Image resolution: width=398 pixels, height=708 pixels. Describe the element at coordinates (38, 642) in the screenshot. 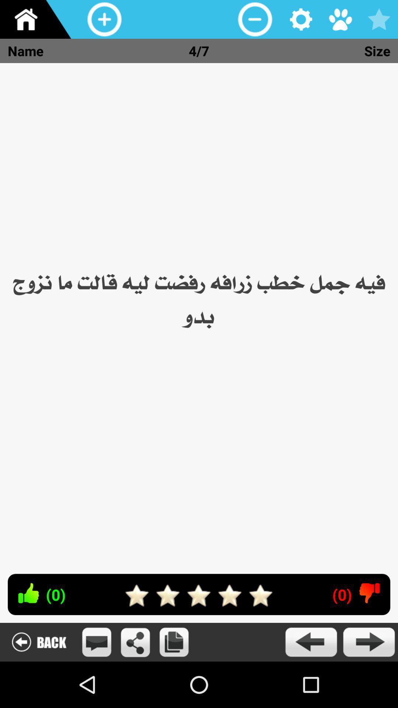

I see `go back` at that location.